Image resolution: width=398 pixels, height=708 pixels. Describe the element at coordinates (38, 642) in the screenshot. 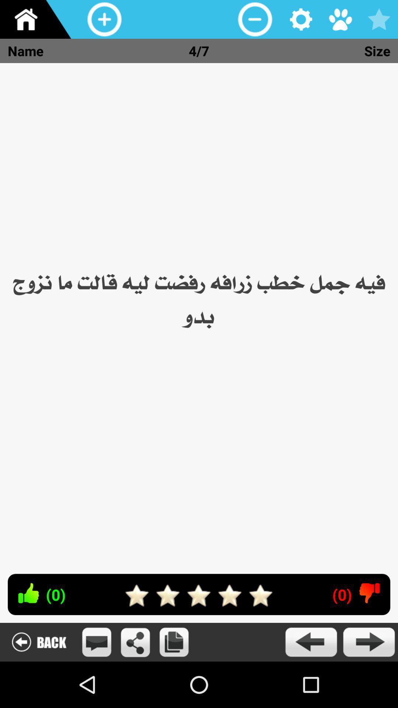

I see `go back` at that location.